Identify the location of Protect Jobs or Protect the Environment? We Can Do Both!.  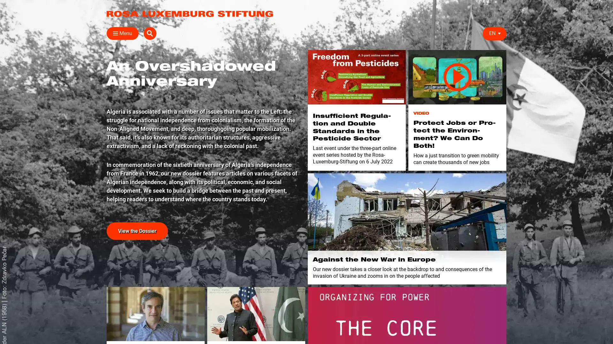
(457, 77).